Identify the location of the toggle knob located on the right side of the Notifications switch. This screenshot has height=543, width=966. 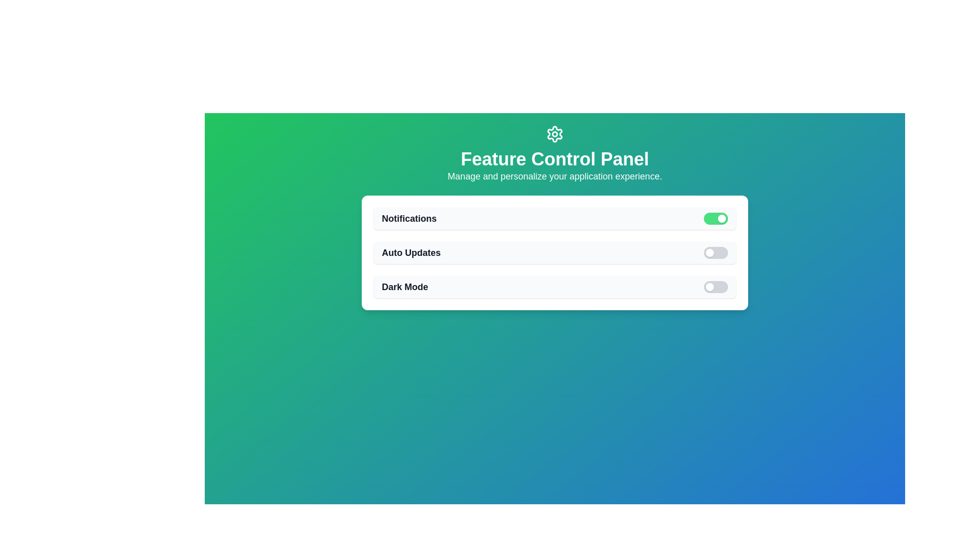
(721, 218).